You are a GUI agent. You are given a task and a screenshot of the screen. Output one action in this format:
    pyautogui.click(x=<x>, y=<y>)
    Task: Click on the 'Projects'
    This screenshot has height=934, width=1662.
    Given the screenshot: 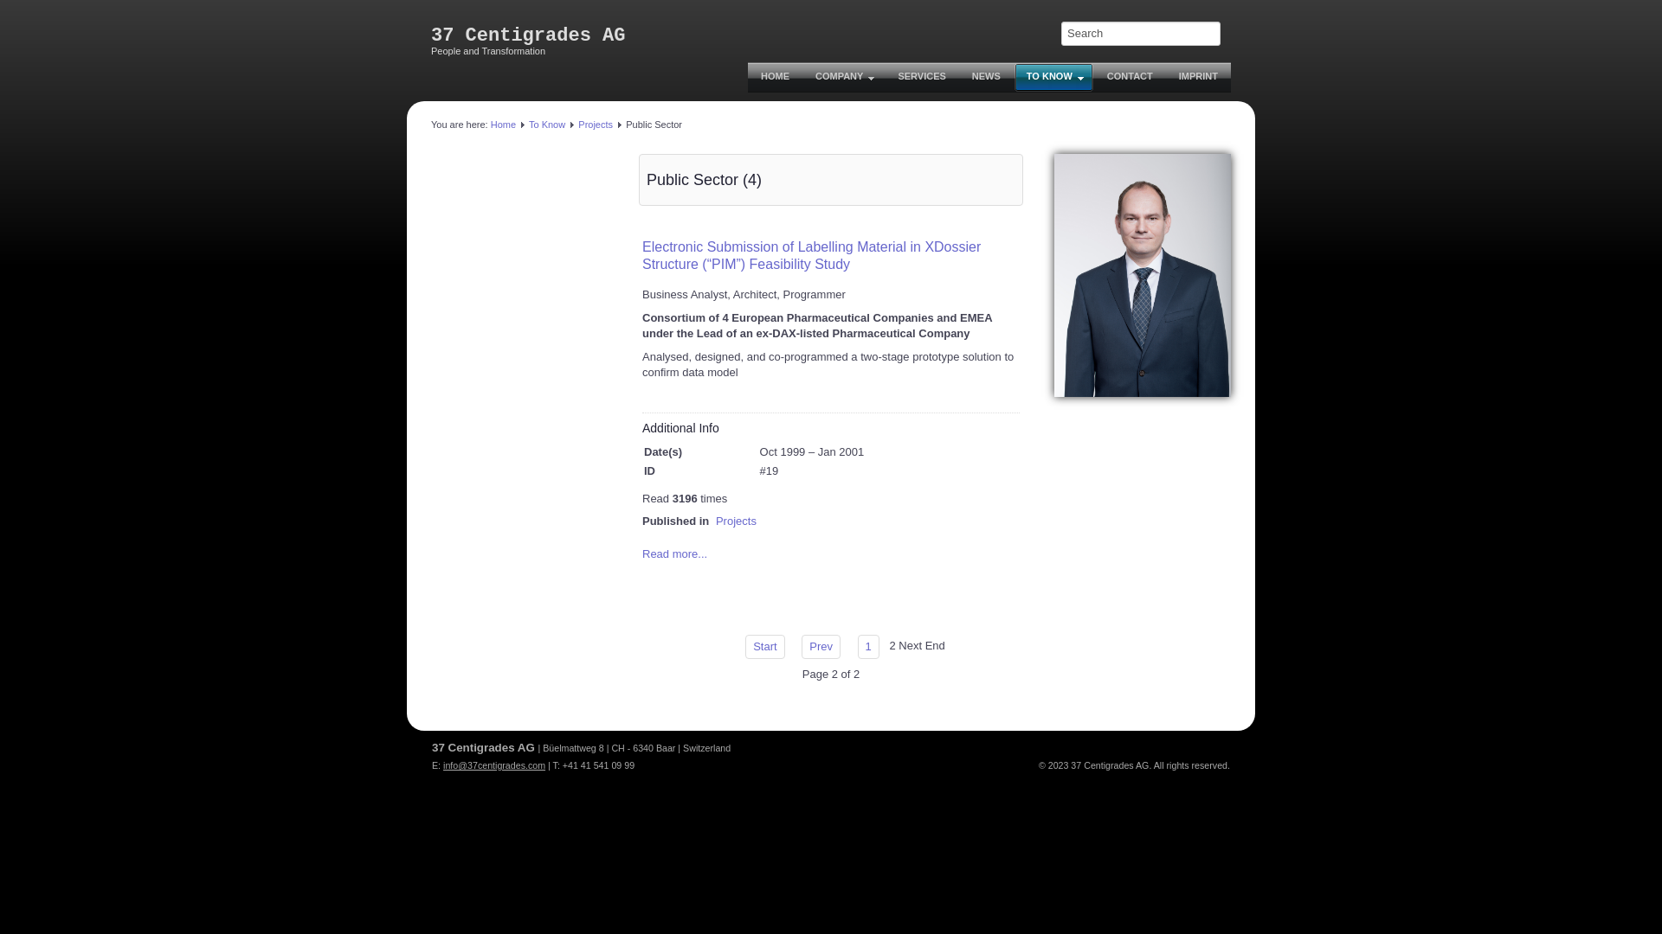 What is the action you would take?
    pyautogui.click(x=736, y=520)
    